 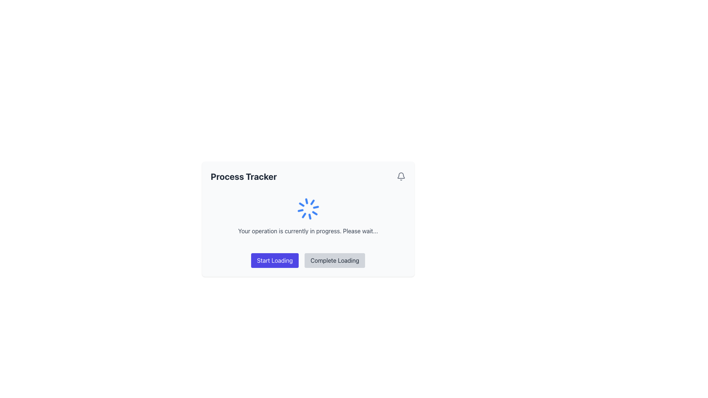 What do you see at coordinates (308, 209) in the screenshot?
I see `the Loader icon which represents a loading state, indicating that an operation is currently taking place, and is located centrally above the text 'Your operation is currently in progress. Please wait...'` at bounding box center [308, 209].